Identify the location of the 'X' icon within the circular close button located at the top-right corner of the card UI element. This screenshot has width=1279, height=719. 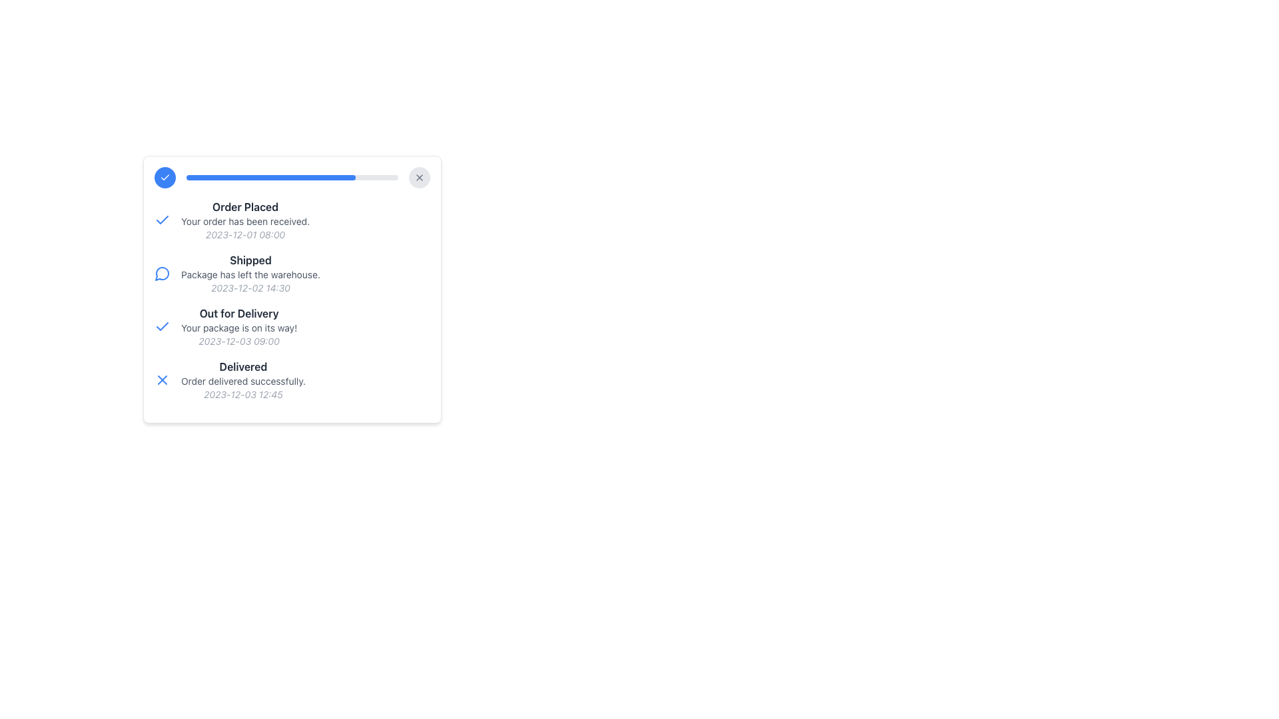
(418, 176).